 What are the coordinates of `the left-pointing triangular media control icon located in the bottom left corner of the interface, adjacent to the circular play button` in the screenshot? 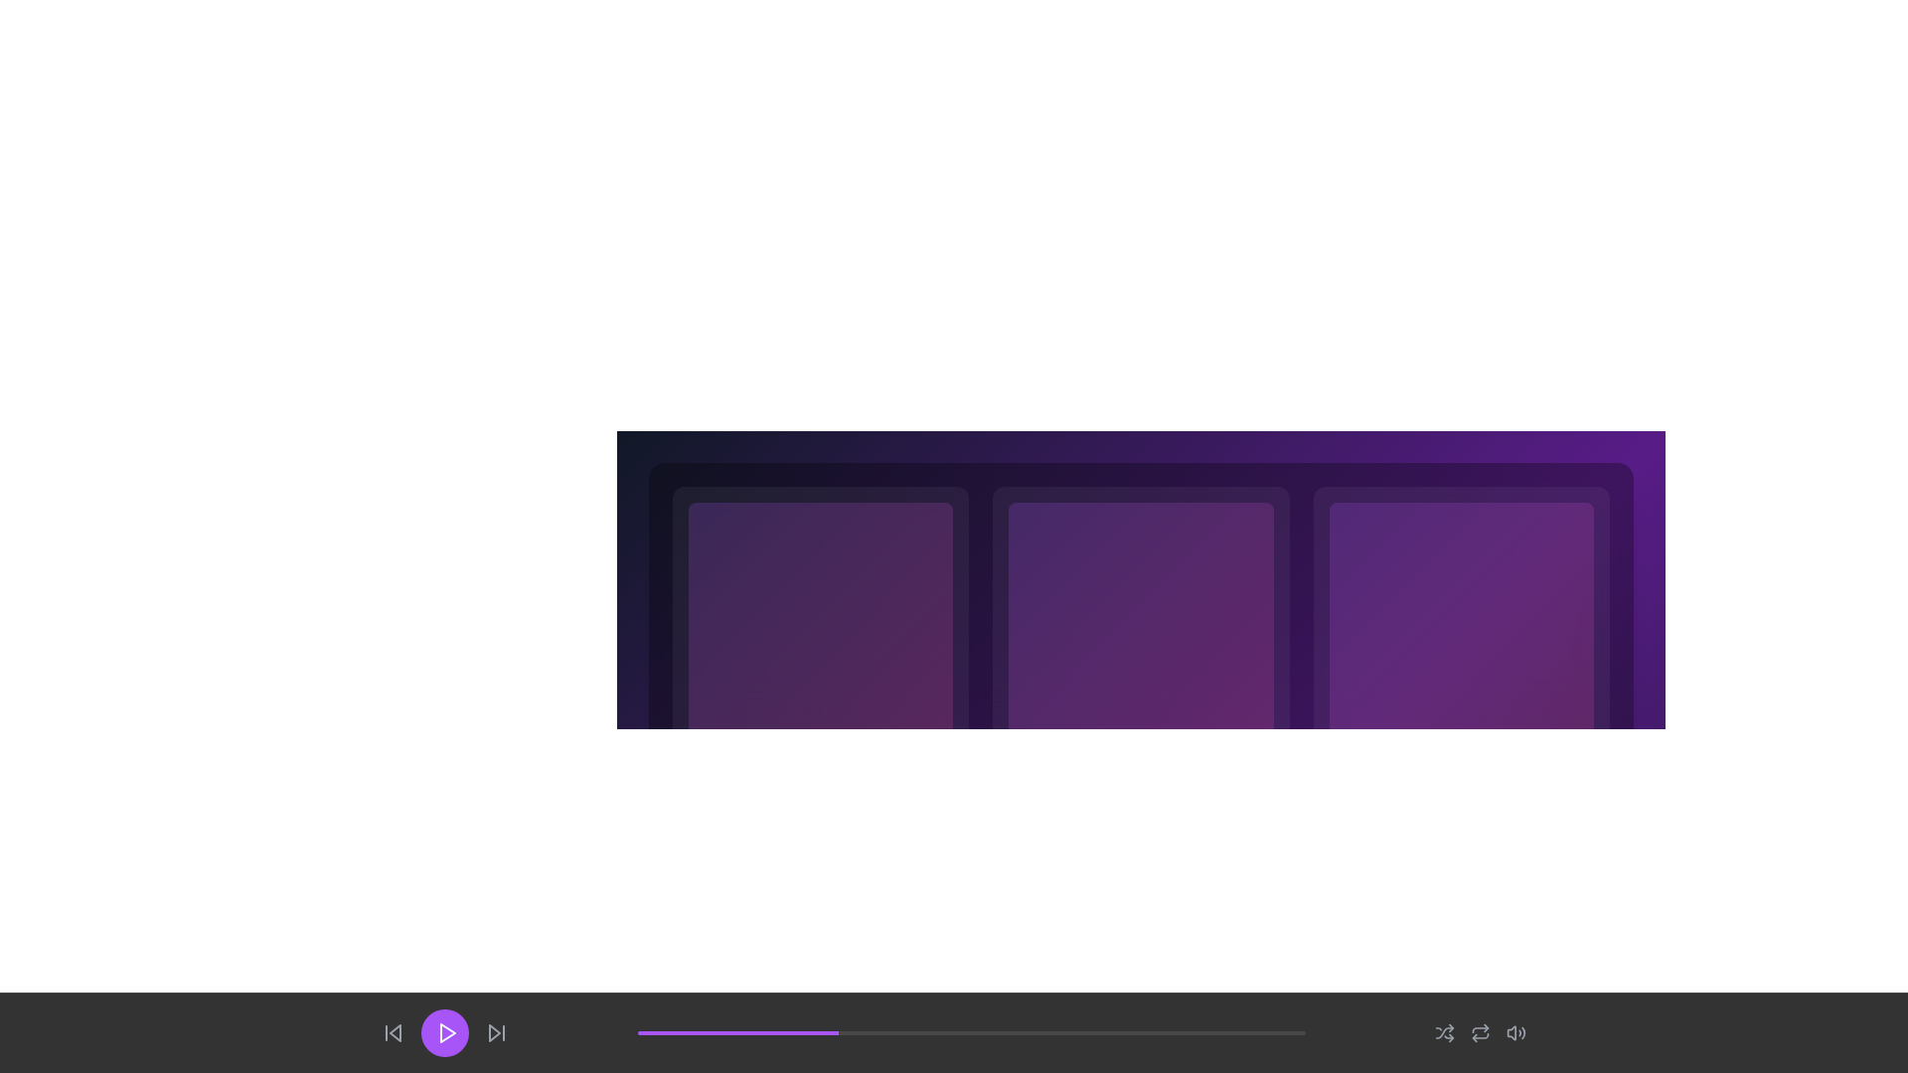 It's located at (396, 1032).